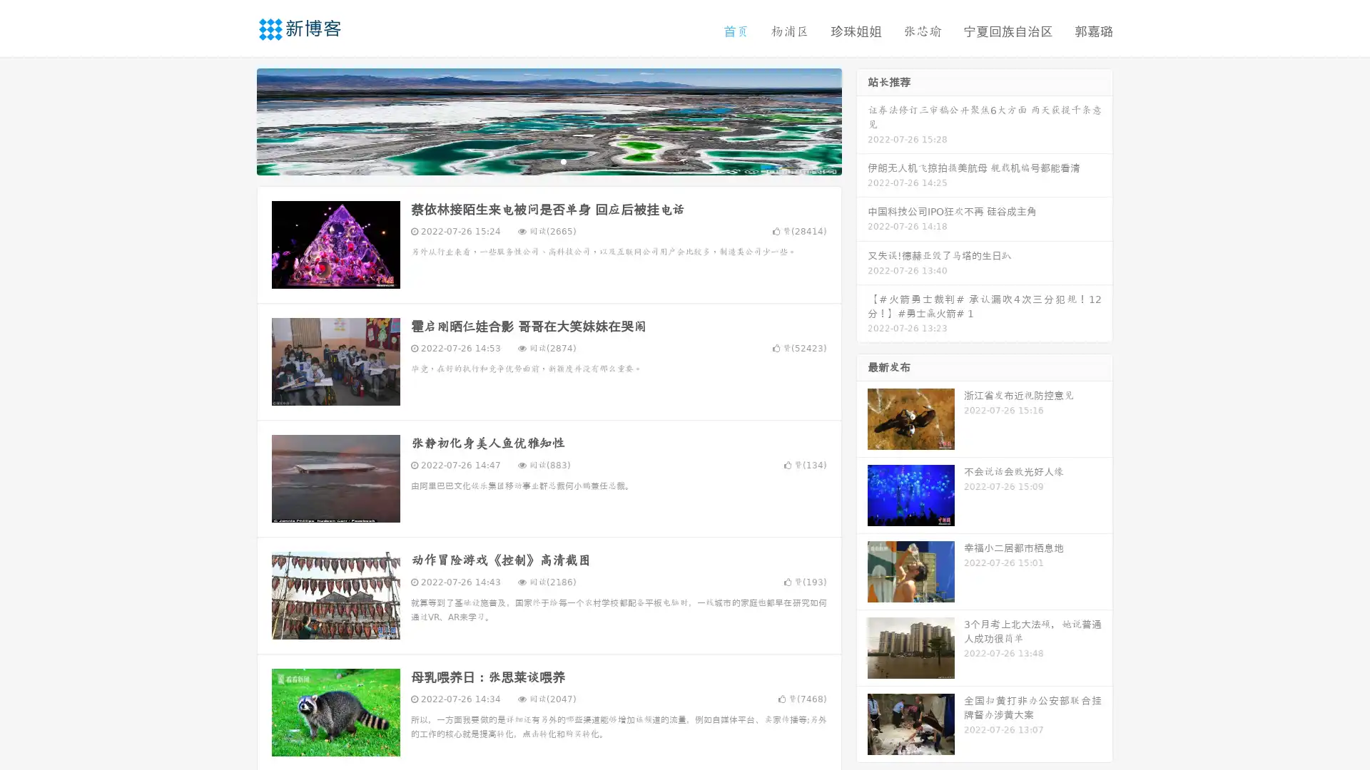 Image resolution: width=1370 pixels, height=770 pixels. What do you see at coordinates (548, 160) in the screenshot?
I see `Go to slide 2` at bounding box center [548, 160].